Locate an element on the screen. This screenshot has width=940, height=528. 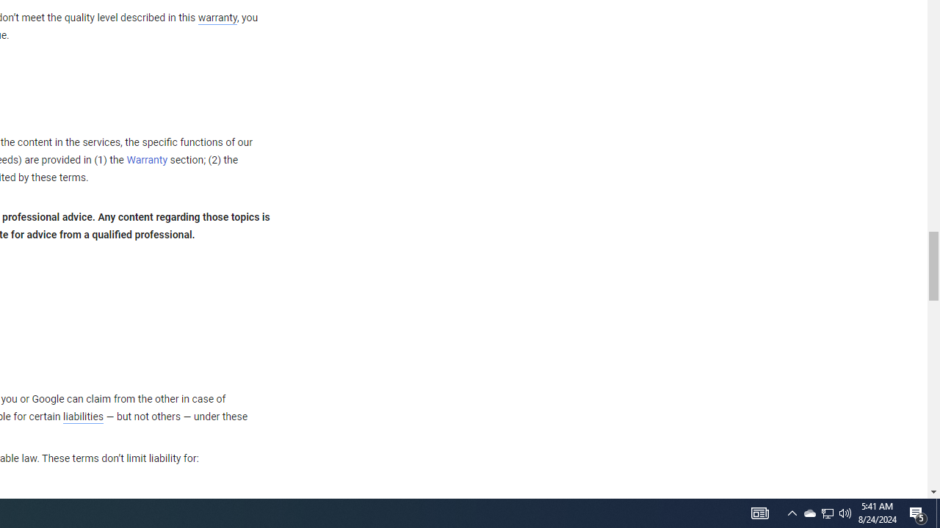
'liabilities' is located at coordinates (82, 417).